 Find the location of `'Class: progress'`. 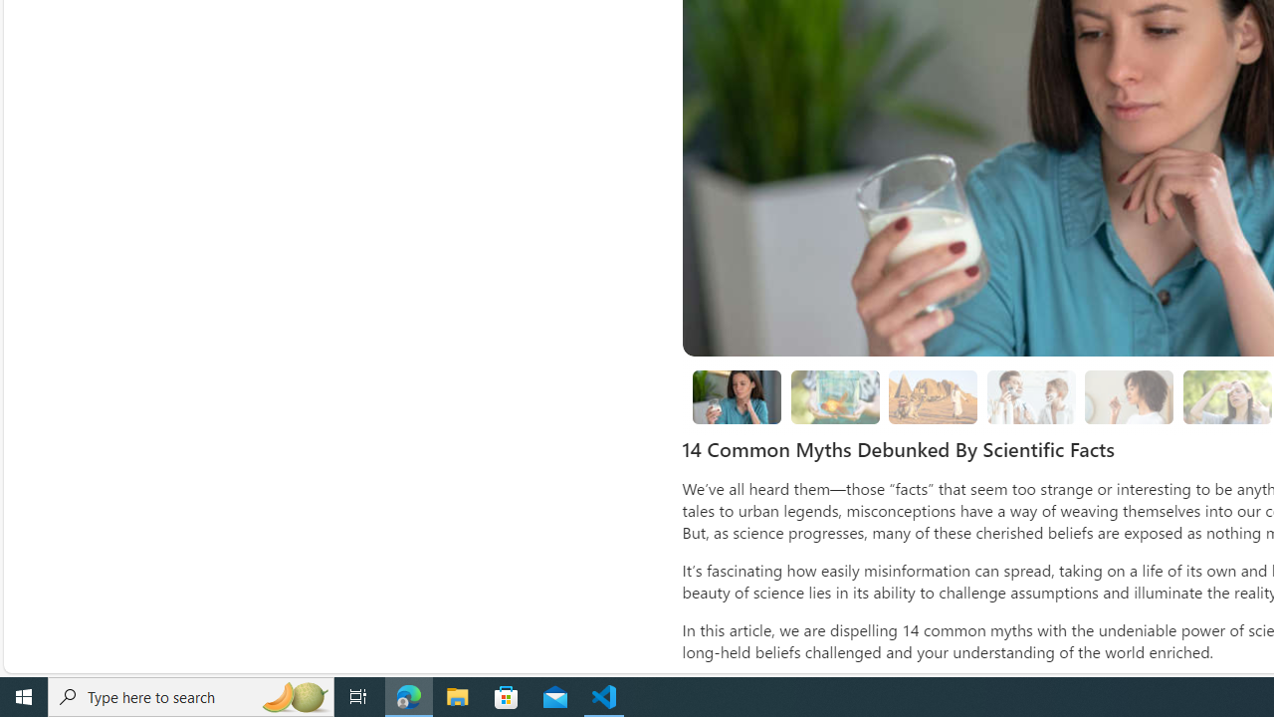

'Class: progress' is located at coordinates (1129, 393).